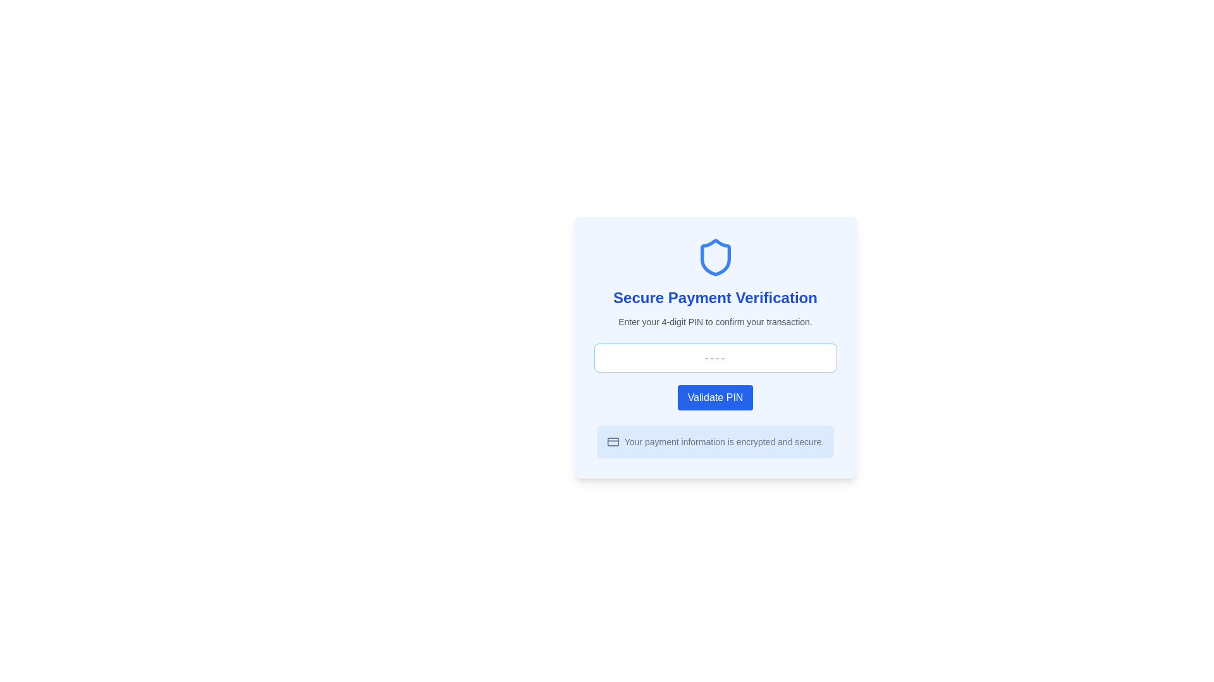 This screenshot has width=1214, height=682. Describe the element at coordinates (715, 358) in the screenshot. I see `the Password input field located below the text 'Enter your 4-digit PIN to confirm your transaction.' and above the 'Validate PIN' button` at that location.